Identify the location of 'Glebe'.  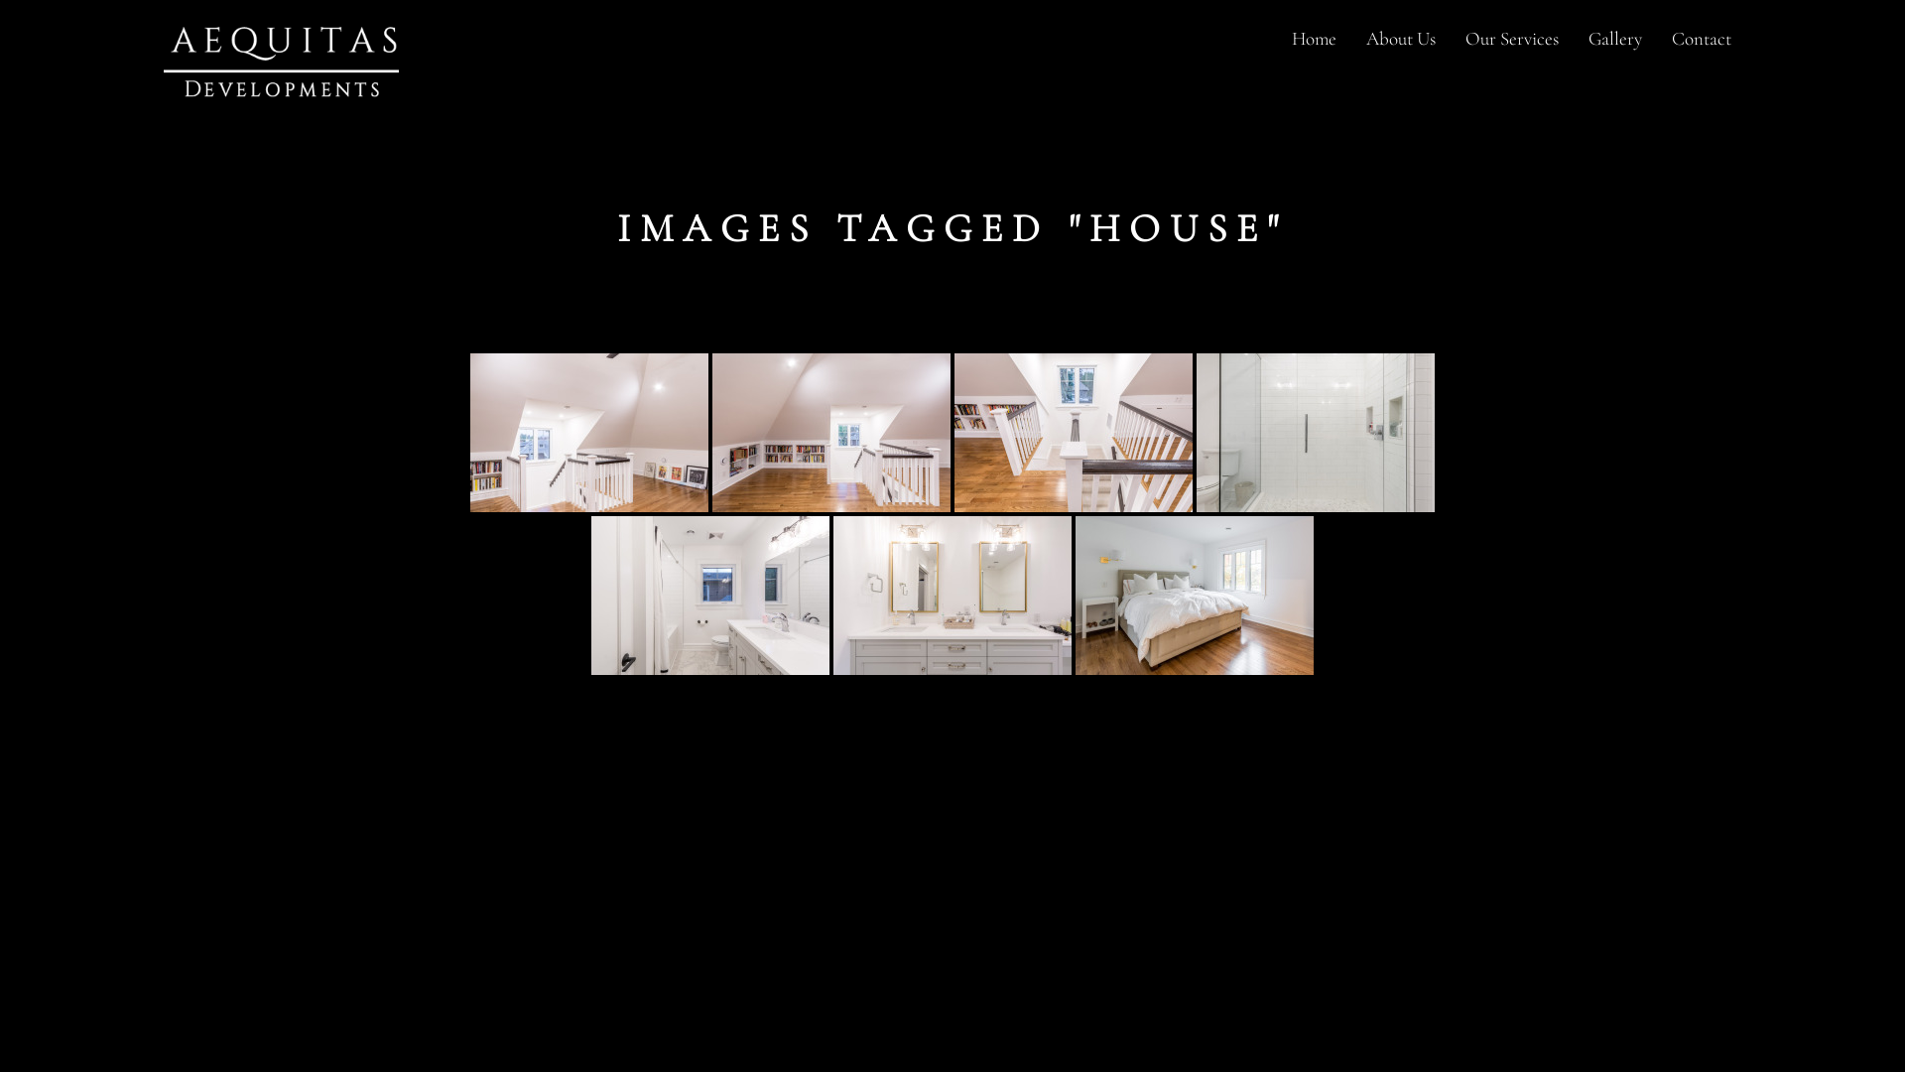
(588, 431).